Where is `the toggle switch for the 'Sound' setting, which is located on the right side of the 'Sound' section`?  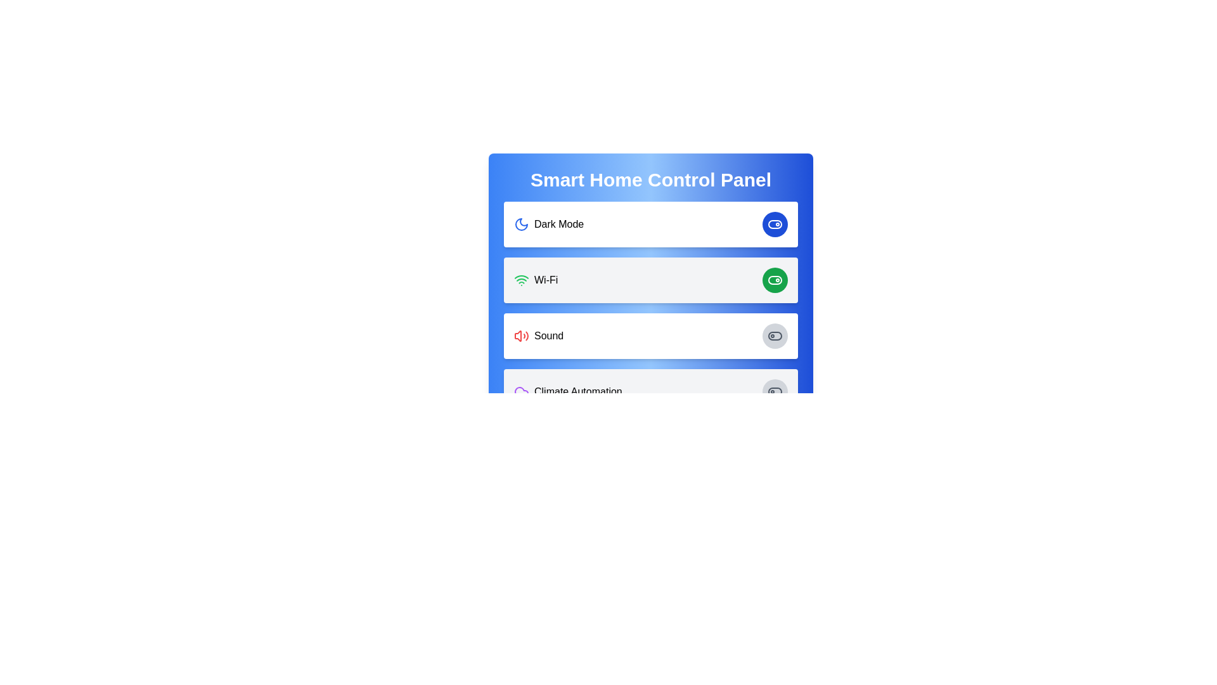 the toggle switch for the 'Sound' setting, which is located on the right side of the 'Sound' section is located at coordinates (775, 335).